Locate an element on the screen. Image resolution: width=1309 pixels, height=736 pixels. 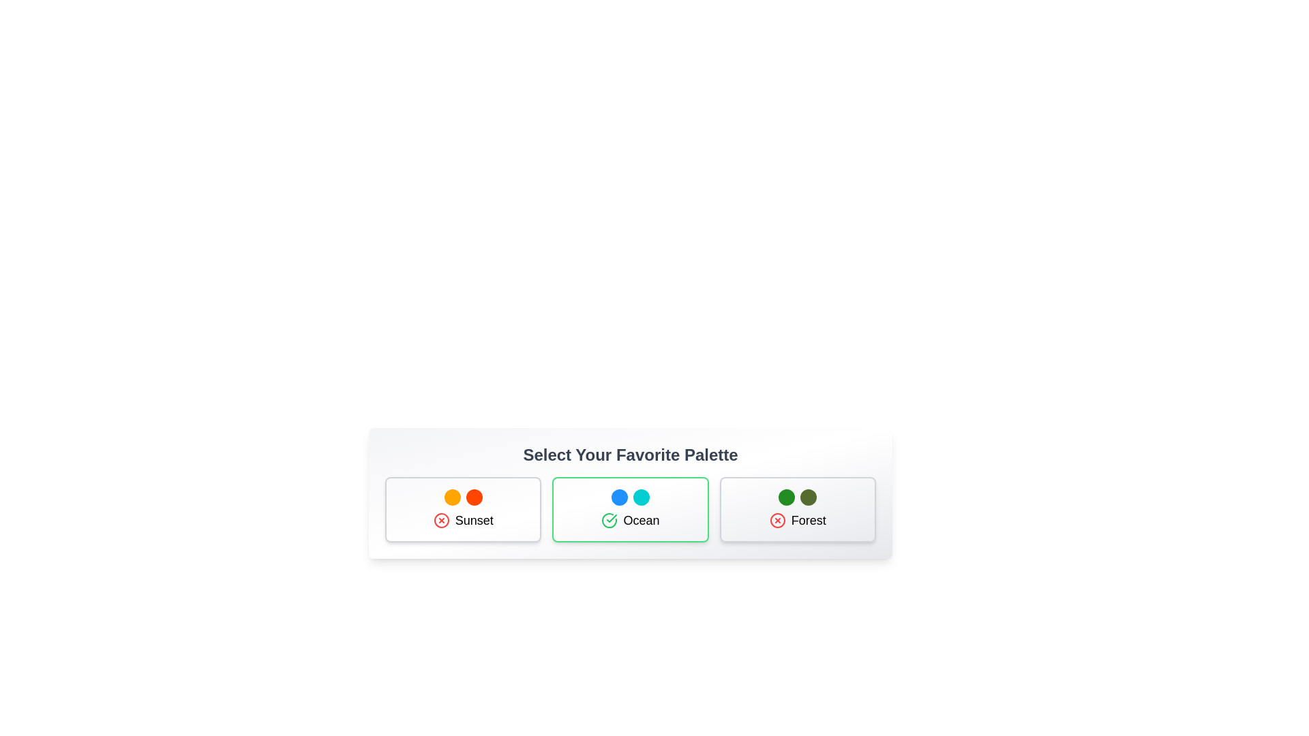
the palette Sunset by clicking on its card is located at coordinates (463, 510).